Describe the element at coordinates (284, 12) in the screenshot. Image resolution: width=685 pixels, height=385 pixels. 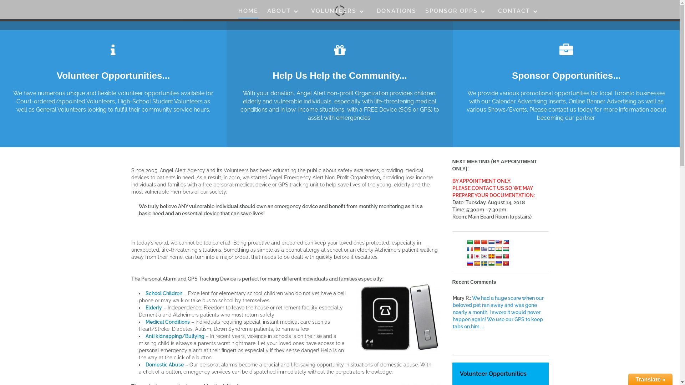
I see `'ABOUT'` at that location.